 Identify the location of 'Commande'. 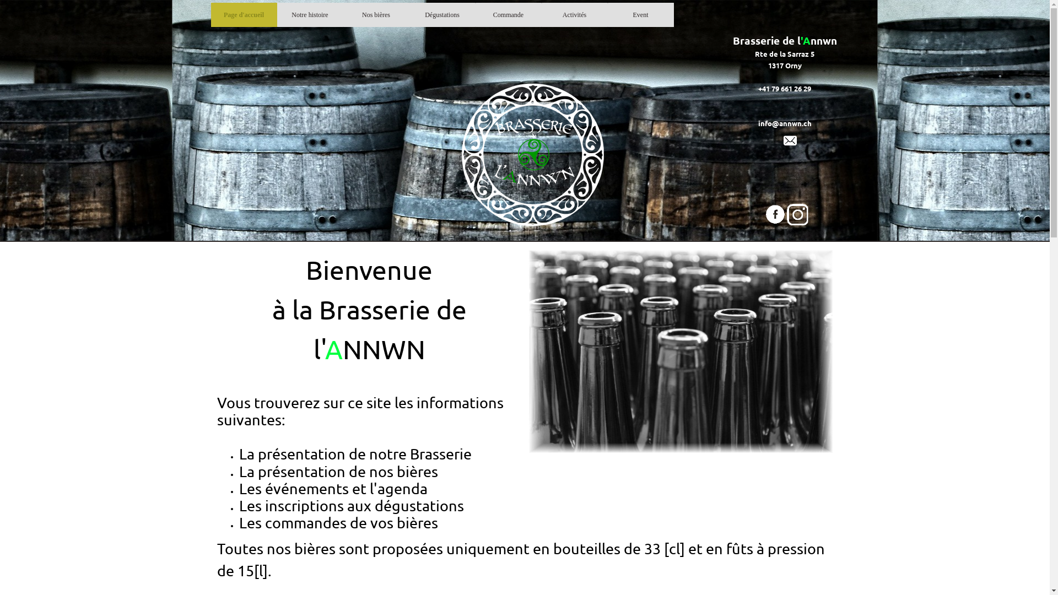
(508, 15).